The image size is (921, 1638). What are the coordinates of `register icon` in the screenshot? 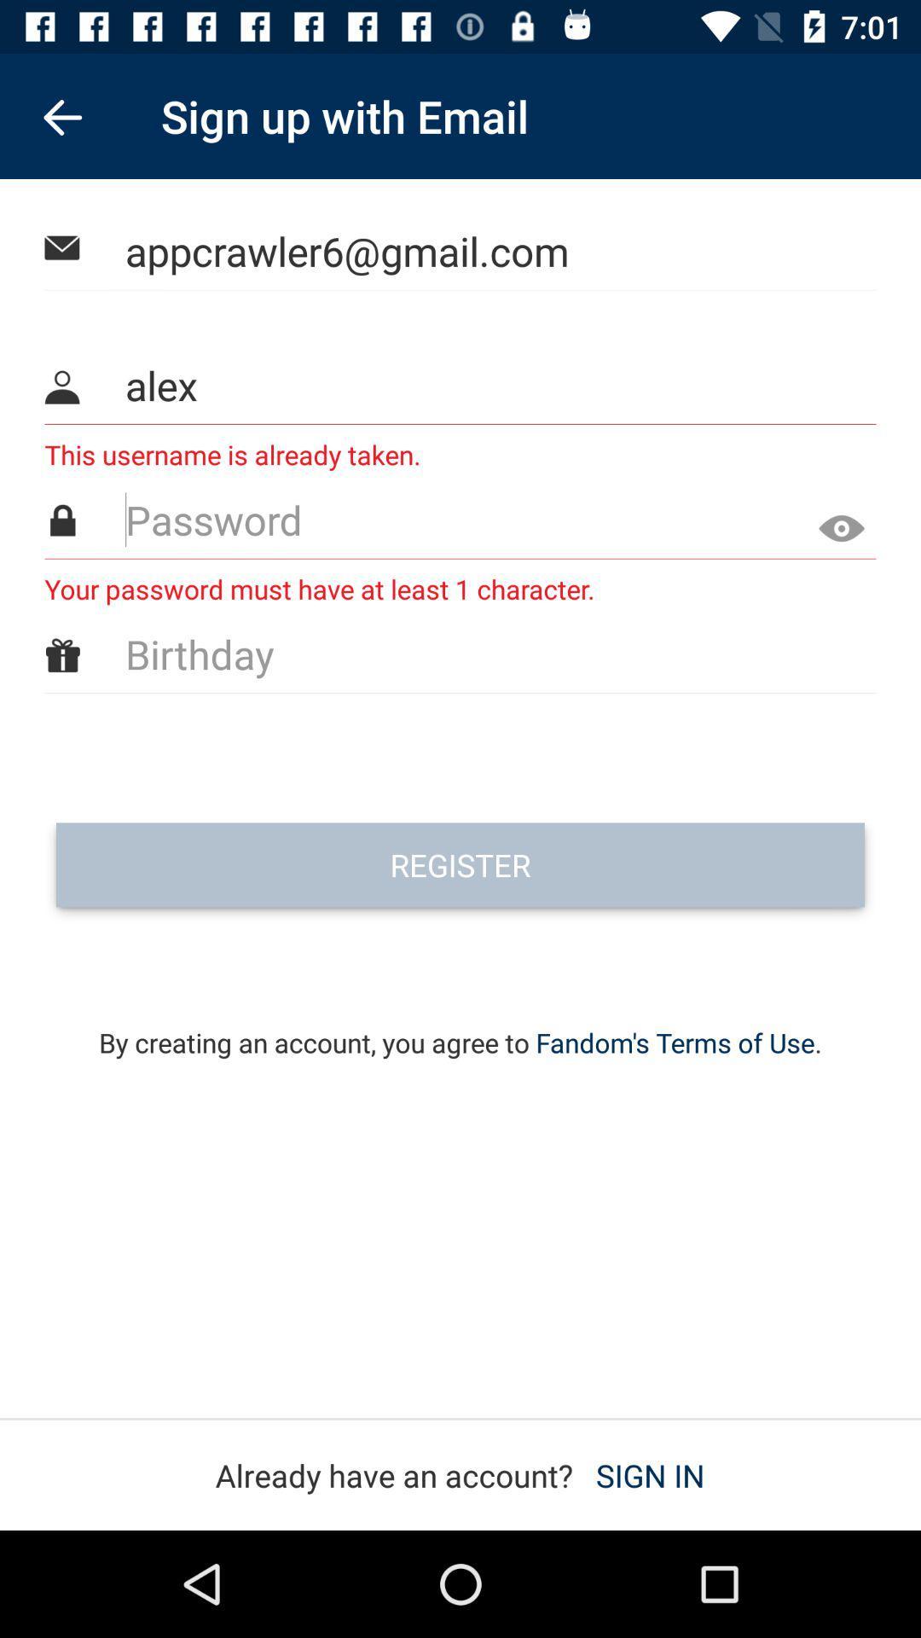 It's located at (460, 864).